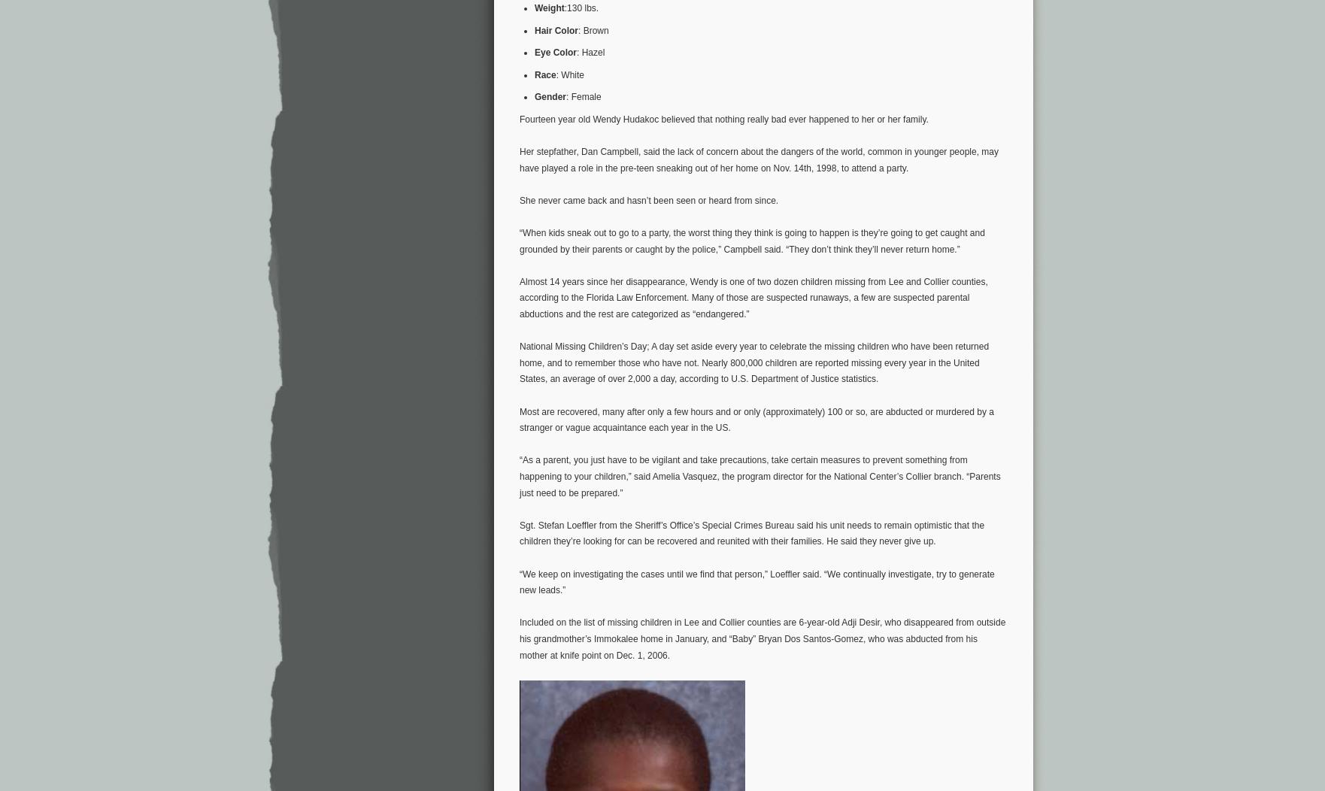 Image resolution: width=1325 pixels, height=791 pixels. Describe the element at coordinates (760, 476) in the screenshot. I see `'“As a parent, you just have to be vigilant and take precautions, take certain measures to prevent something from happening to your children,” said Amelia Vasquez, the program director for the National Center’s Collier branch. “Parents just need to be prepared.”'` at that location.